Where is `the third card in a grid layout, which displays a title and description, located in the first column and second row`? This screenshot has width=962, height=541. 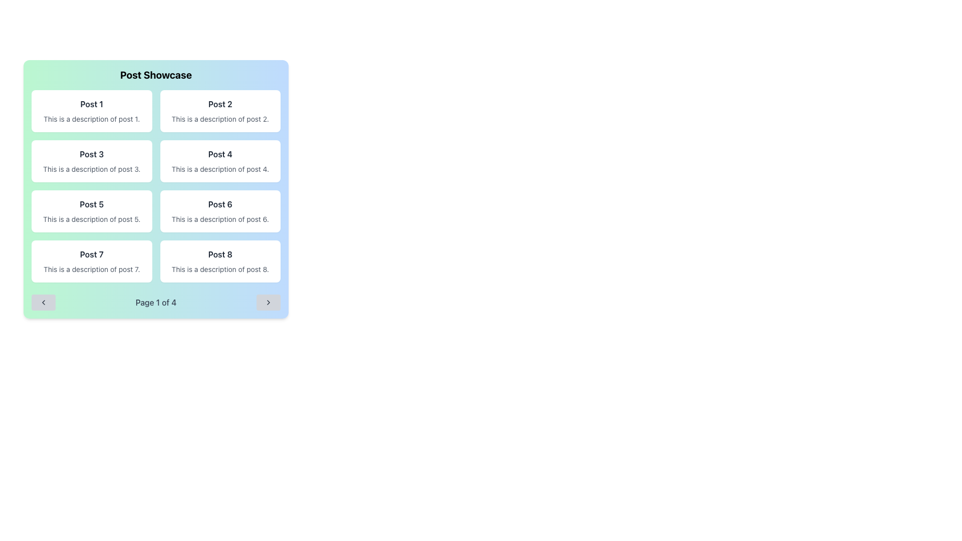
the third card in a grid layout, which displays a title and description, located in the first column and second row is located at coordinates (92, 160).